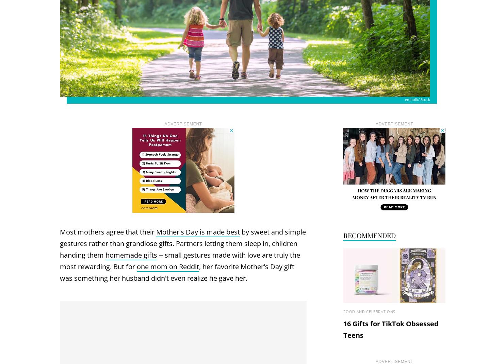  Describe the element at coordinates (177, 272) in the screenshot. I see `', her favorite Mother's Day gift was something her husband didn't even realize he gave her.'` at that location.